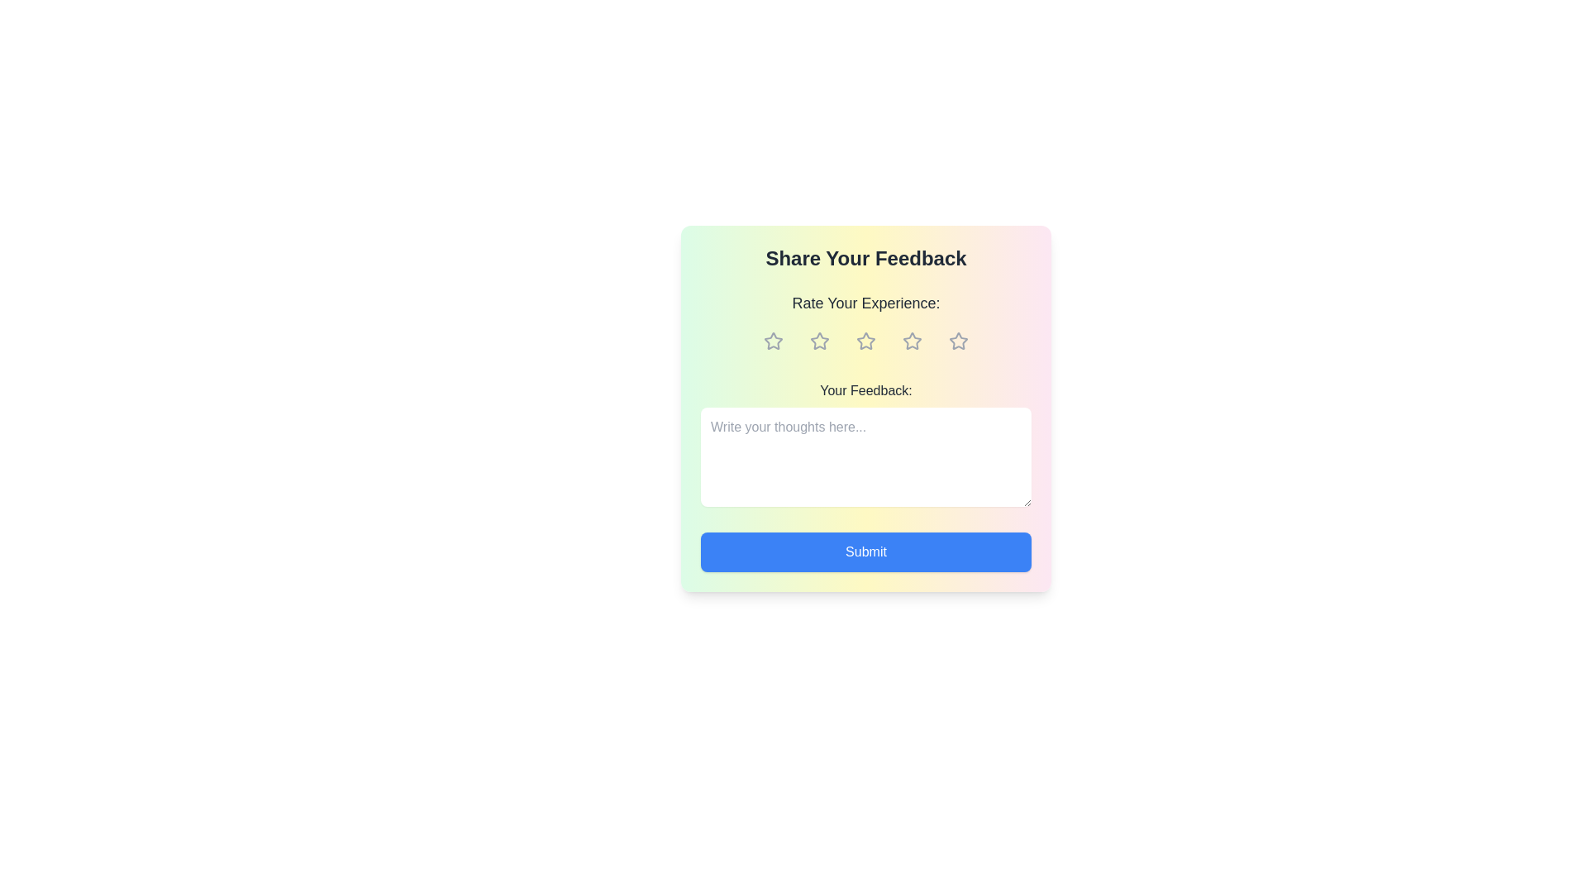 Image resolution: width=1587 pixels, height=893 pixels. Describe the element at coordinates (865, 326) in the screenshot. I see `the Rating input section labeled 'Rate Your Experience:'` at that location.